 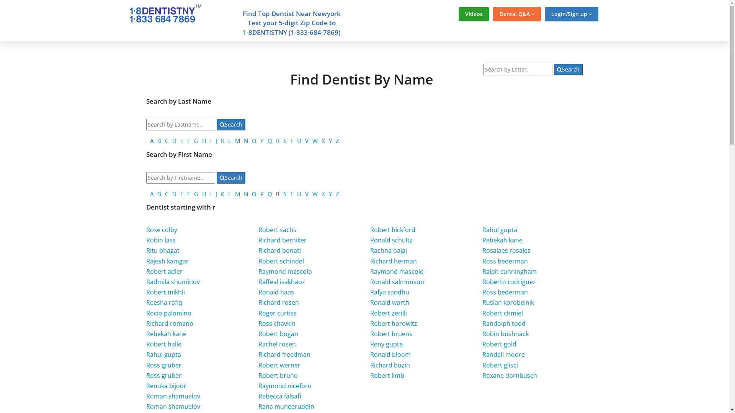 I want to click on 'Richard herman', so click(x=393, y=260).